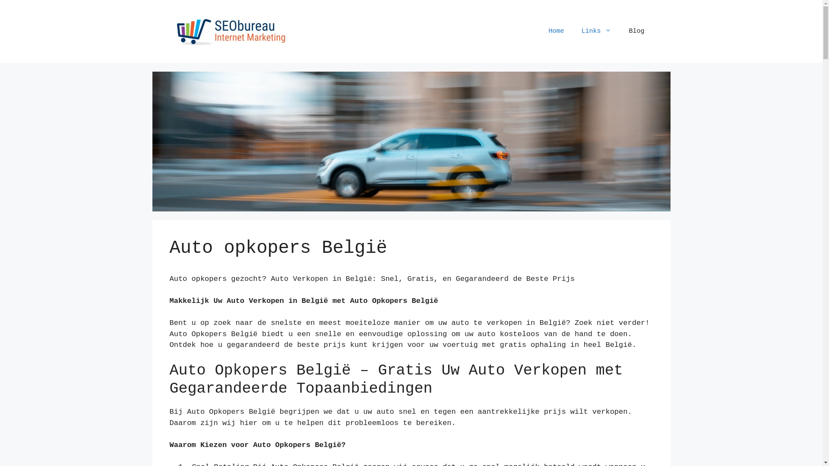 This screenshot has height=466, width=829. What do you see at coordinates (619, 31) in the screenshot?
I see `'Blog'` at bounding box center [619, 31].